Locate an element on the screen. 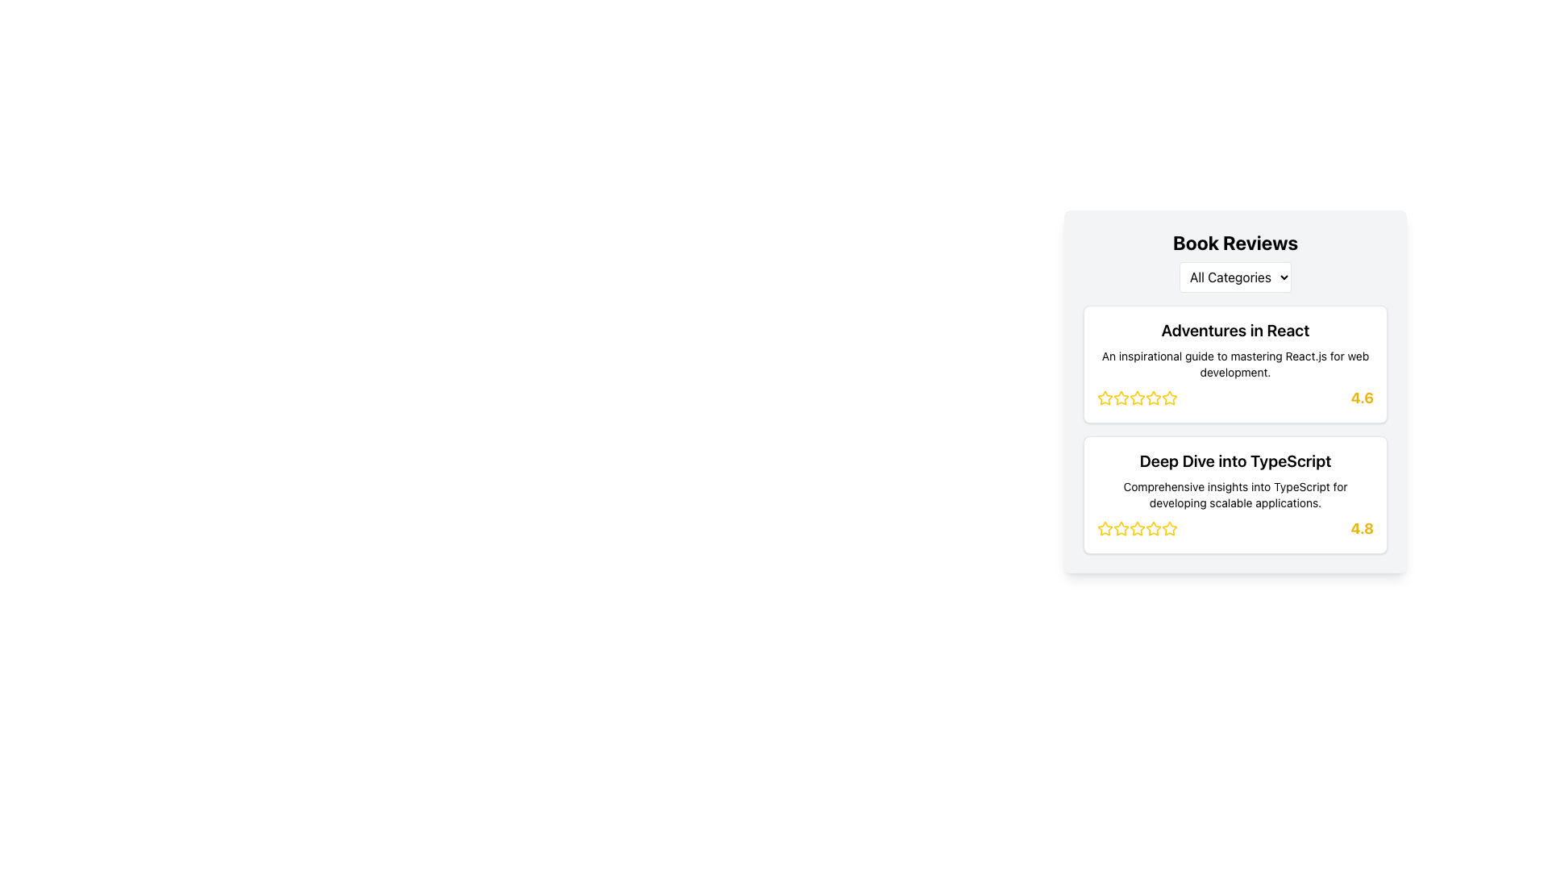  the third star in the five-star rating component under the title 'Adventures in React' within the 'Book Reviews' list section is located at coordinates (1169, 398).